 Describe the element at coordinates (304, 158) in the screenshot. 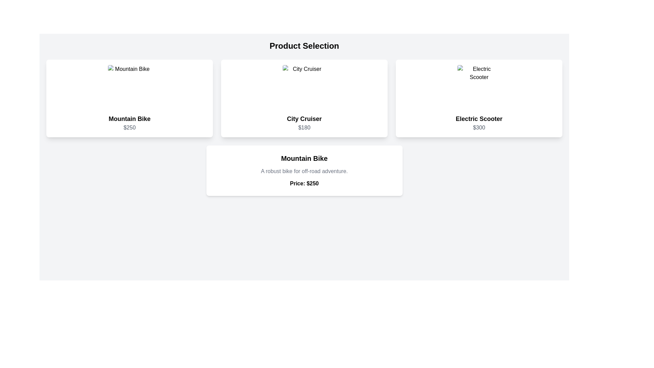

I see `the card containing the 'Mountain Bike' text heading, which is prominently displayed in bold at the top of the card structure` at that location.